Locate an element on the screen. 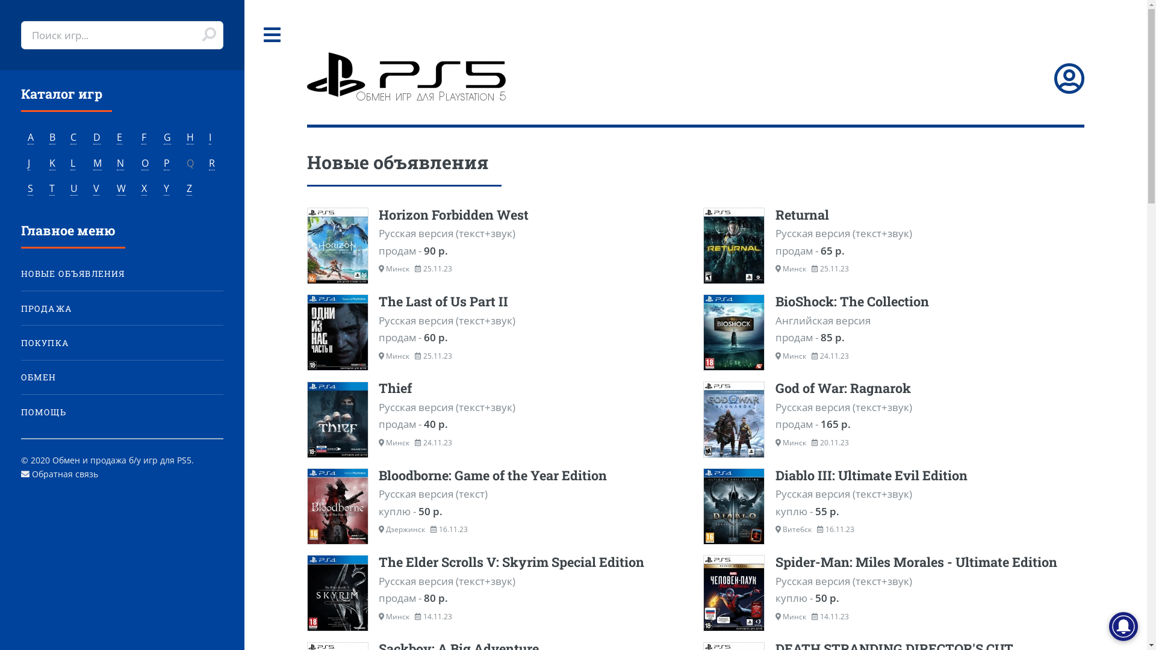  'Toggle' is located at coordinates (272, 34).